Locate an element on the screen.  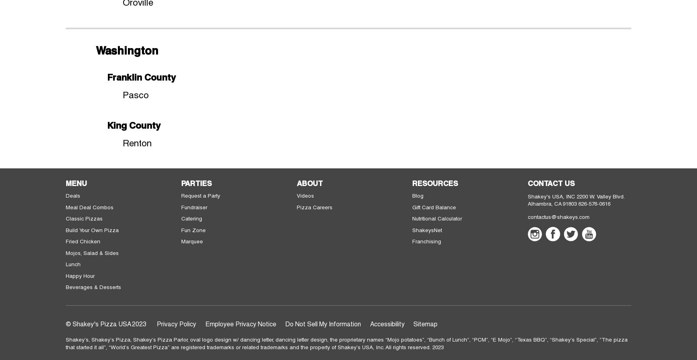
',' is located at coordinates (425, 339).